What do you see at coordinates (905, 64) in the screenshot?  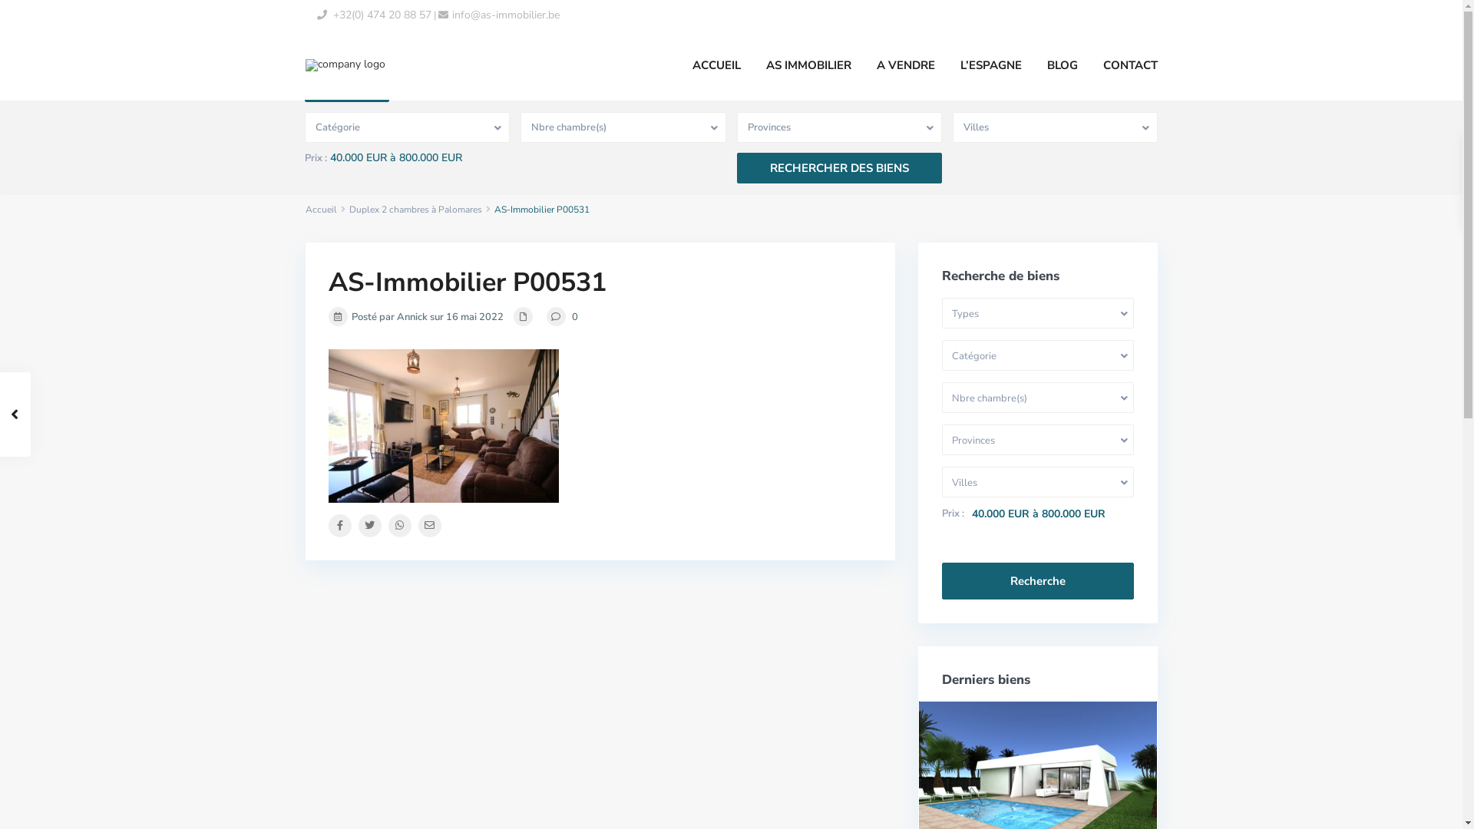 I see `'A VENDRE'` at bounding box center [905, 64].